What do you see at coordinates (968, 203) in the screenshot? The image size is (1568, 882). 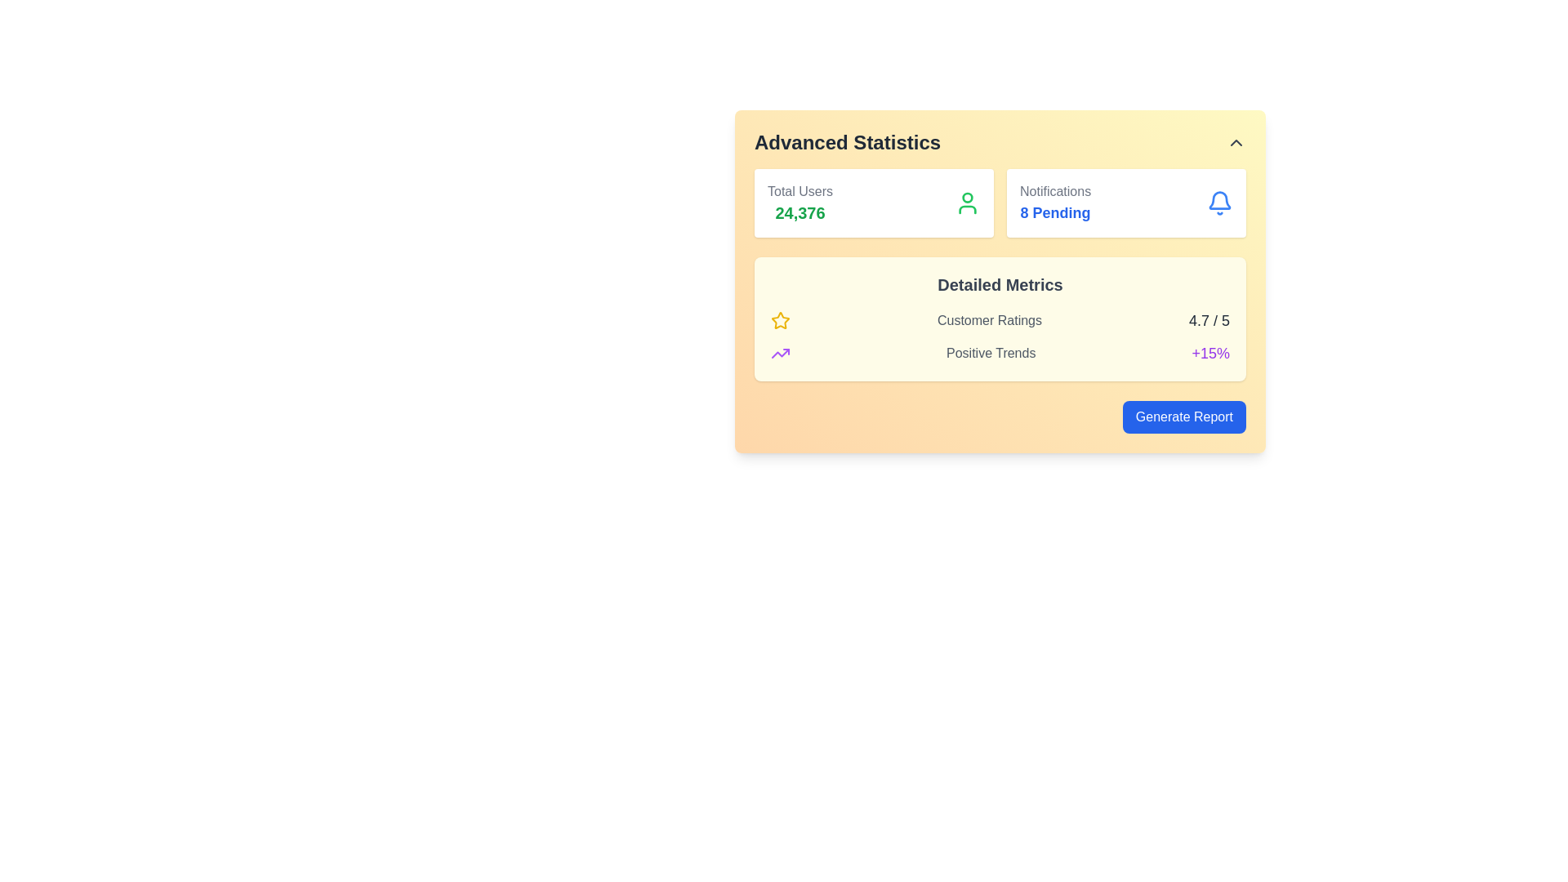 I see `the user icon located in the 'Total Users' section of the 'Advanced Statistics' card, which is visually represented next to the green number '24,376'` at bounding box center [968, 203].